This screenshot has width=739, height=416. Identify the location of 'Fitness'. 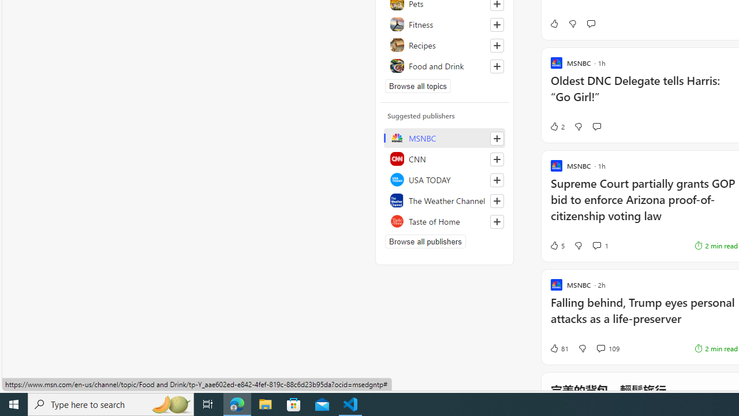
(444, 24).